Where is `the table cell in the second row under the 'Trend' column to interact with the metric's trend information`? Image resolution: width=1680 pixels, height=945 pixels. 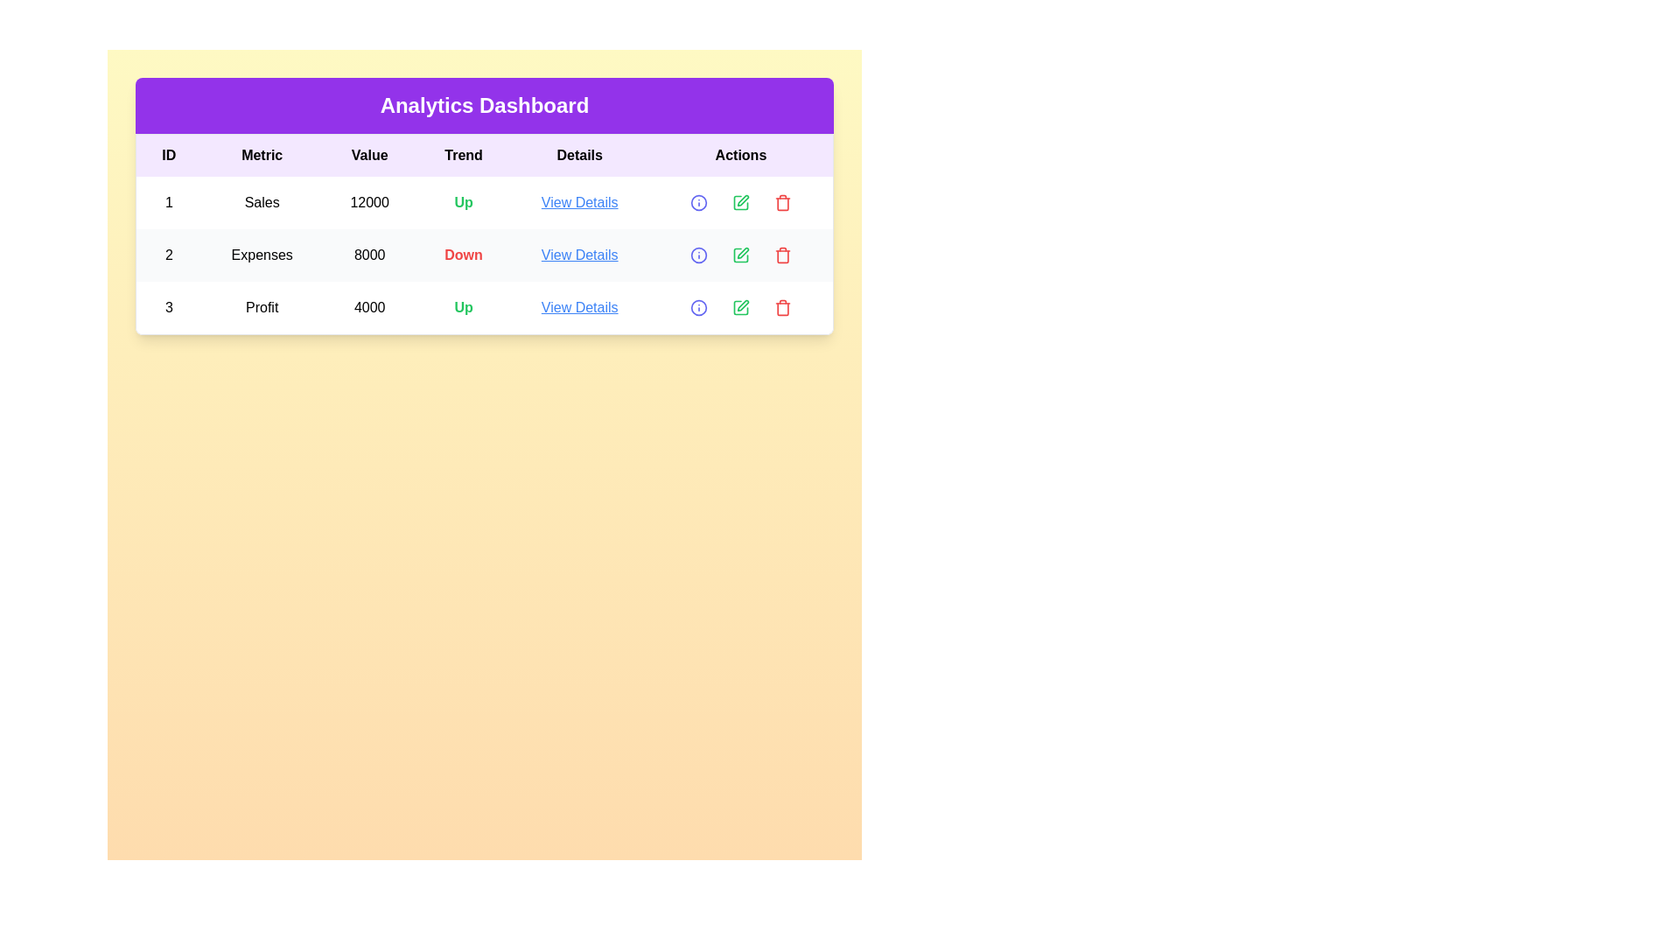 the table cell in the second row under the 'Trend' column to interact with the metric's trend information is located at coordinates (484, 233).